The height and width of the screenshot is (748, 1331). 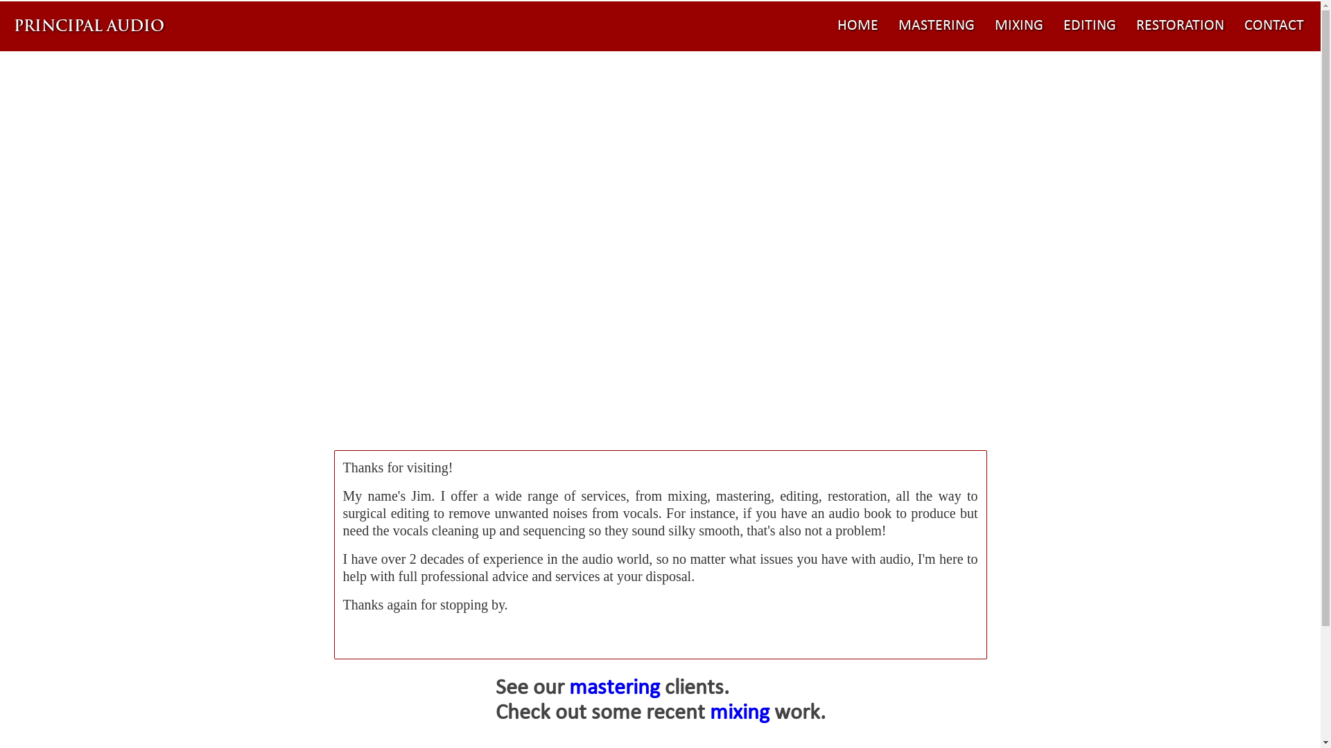 What do you see at coordinates (89, 26) in the screenshot?
I see `'Principal Audio'` at bounding box center [89, 26].